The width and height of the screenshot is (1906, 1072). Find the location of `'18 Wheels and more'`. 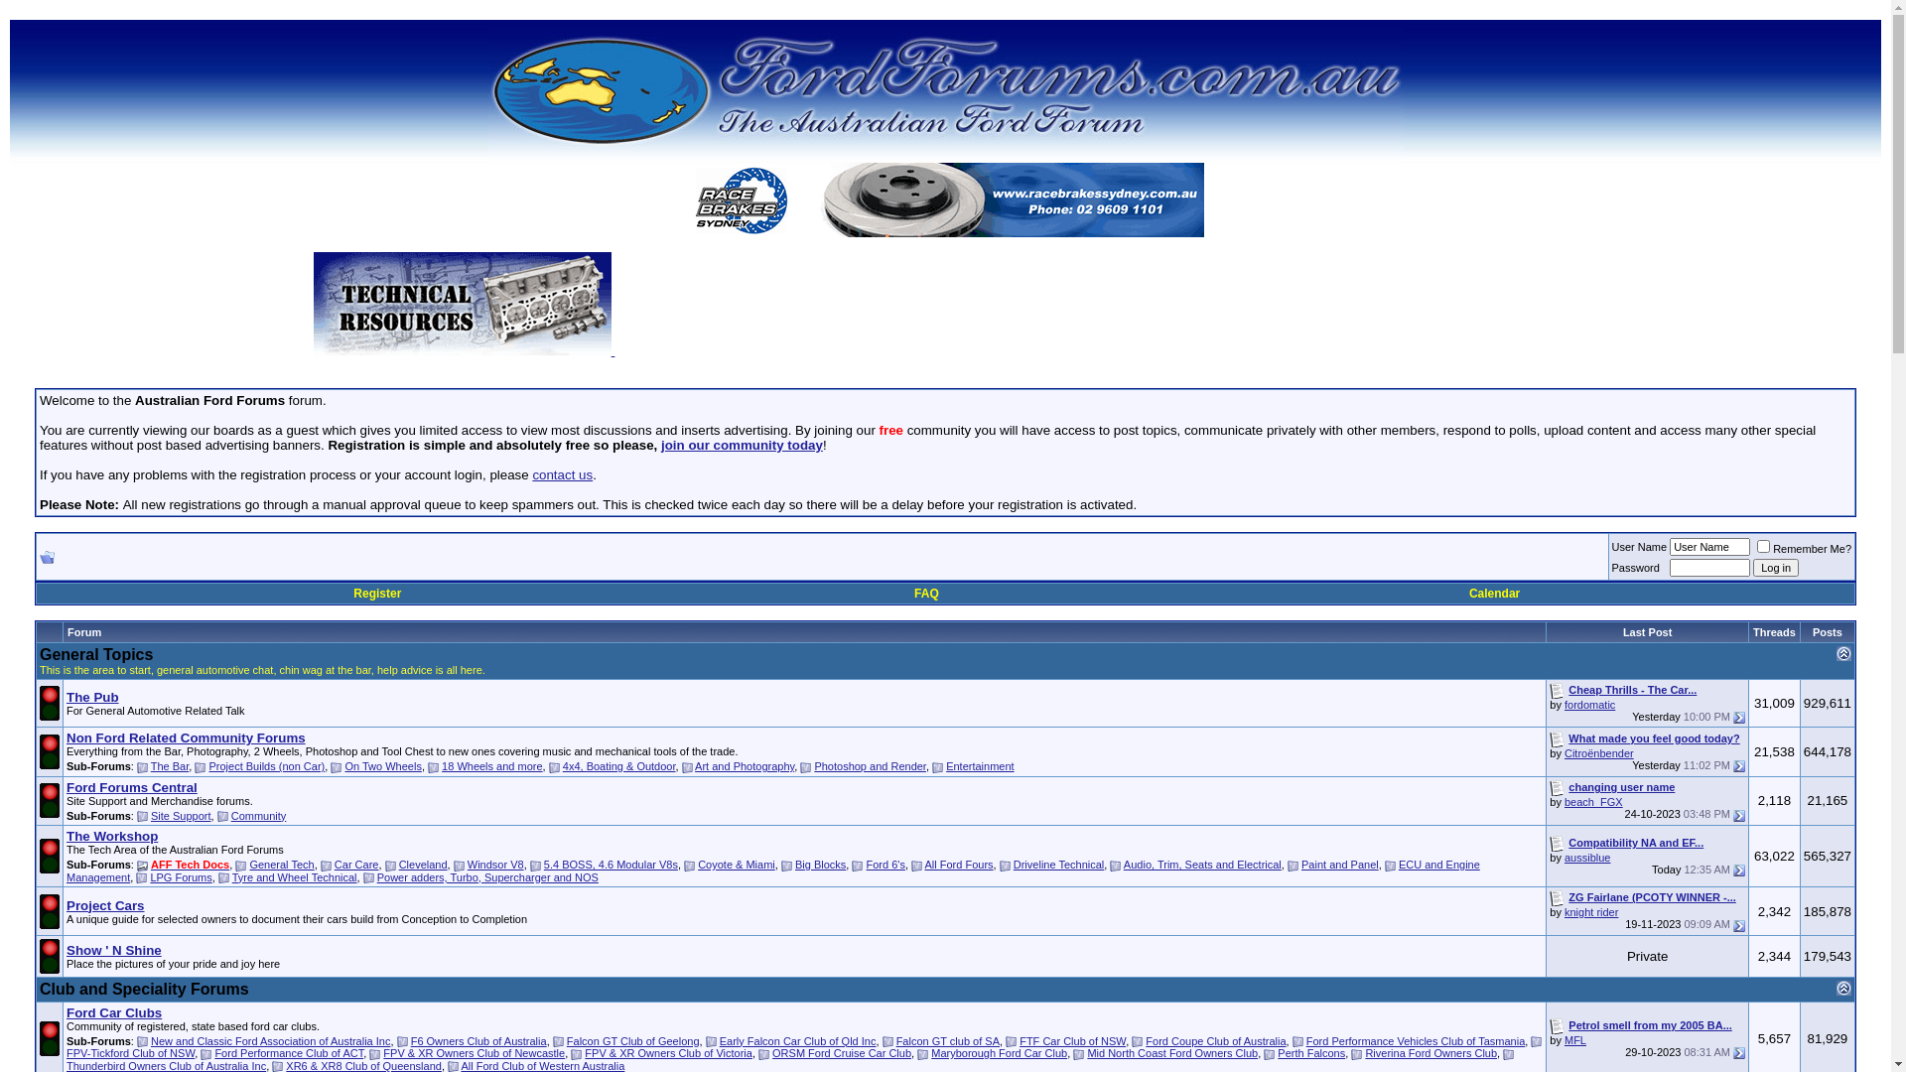

'18 Wheels and more' is located at coordinates (491, 764).